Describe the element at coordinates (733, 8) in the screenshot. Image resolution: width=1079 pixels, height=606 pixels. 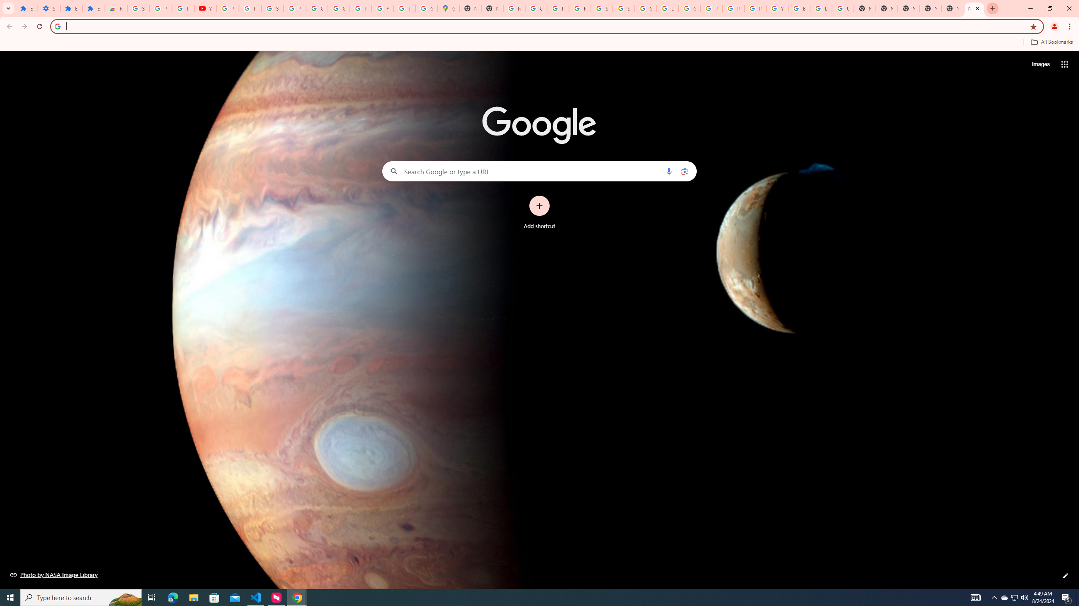
I see `'Privacy Help Center - Policies Help'` at that location.